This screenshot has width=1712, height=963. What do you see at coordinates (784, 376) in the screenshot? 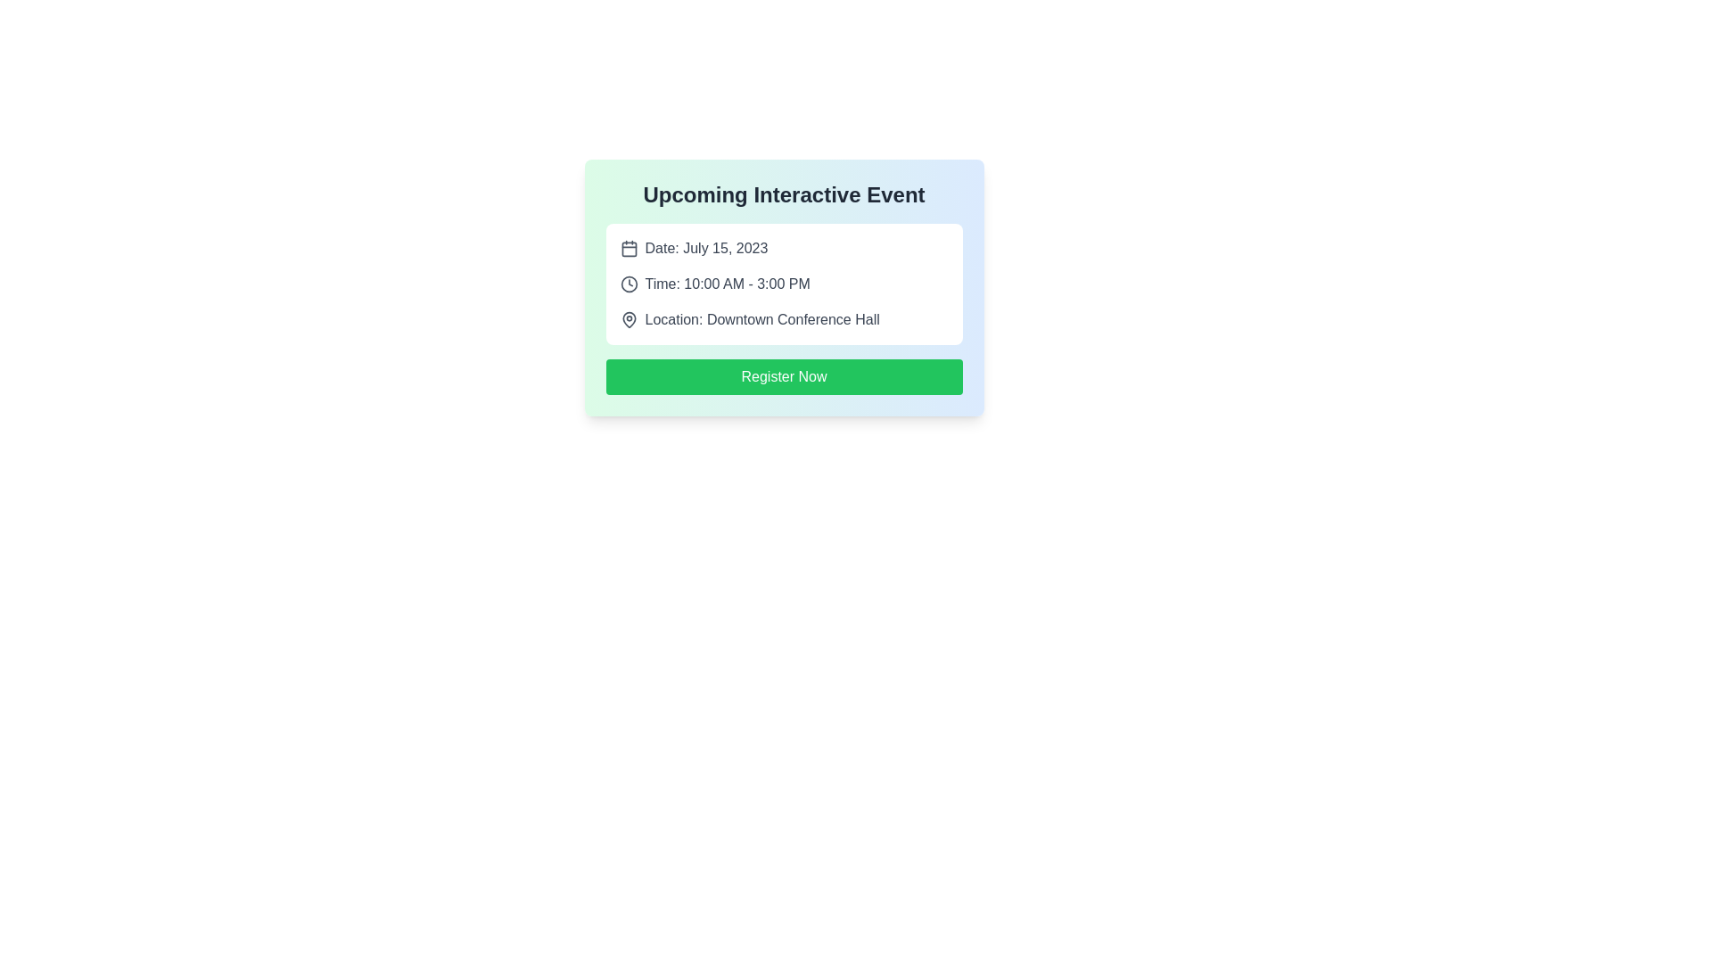
I see `the 'Register Now' button` at bounding box center [784, 376].